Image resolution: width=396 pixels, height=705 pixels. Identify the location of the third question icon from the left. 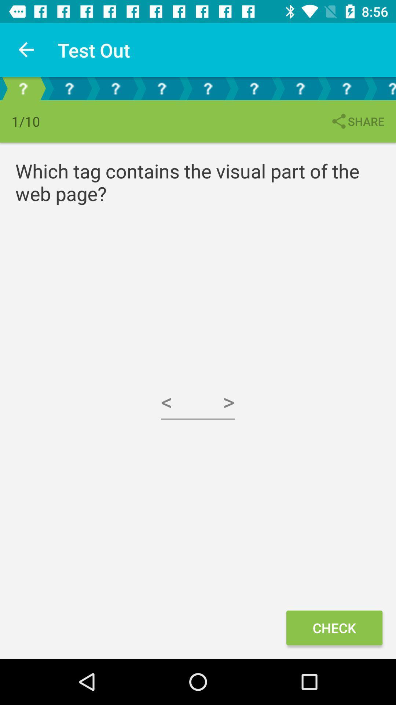
(115, 88).